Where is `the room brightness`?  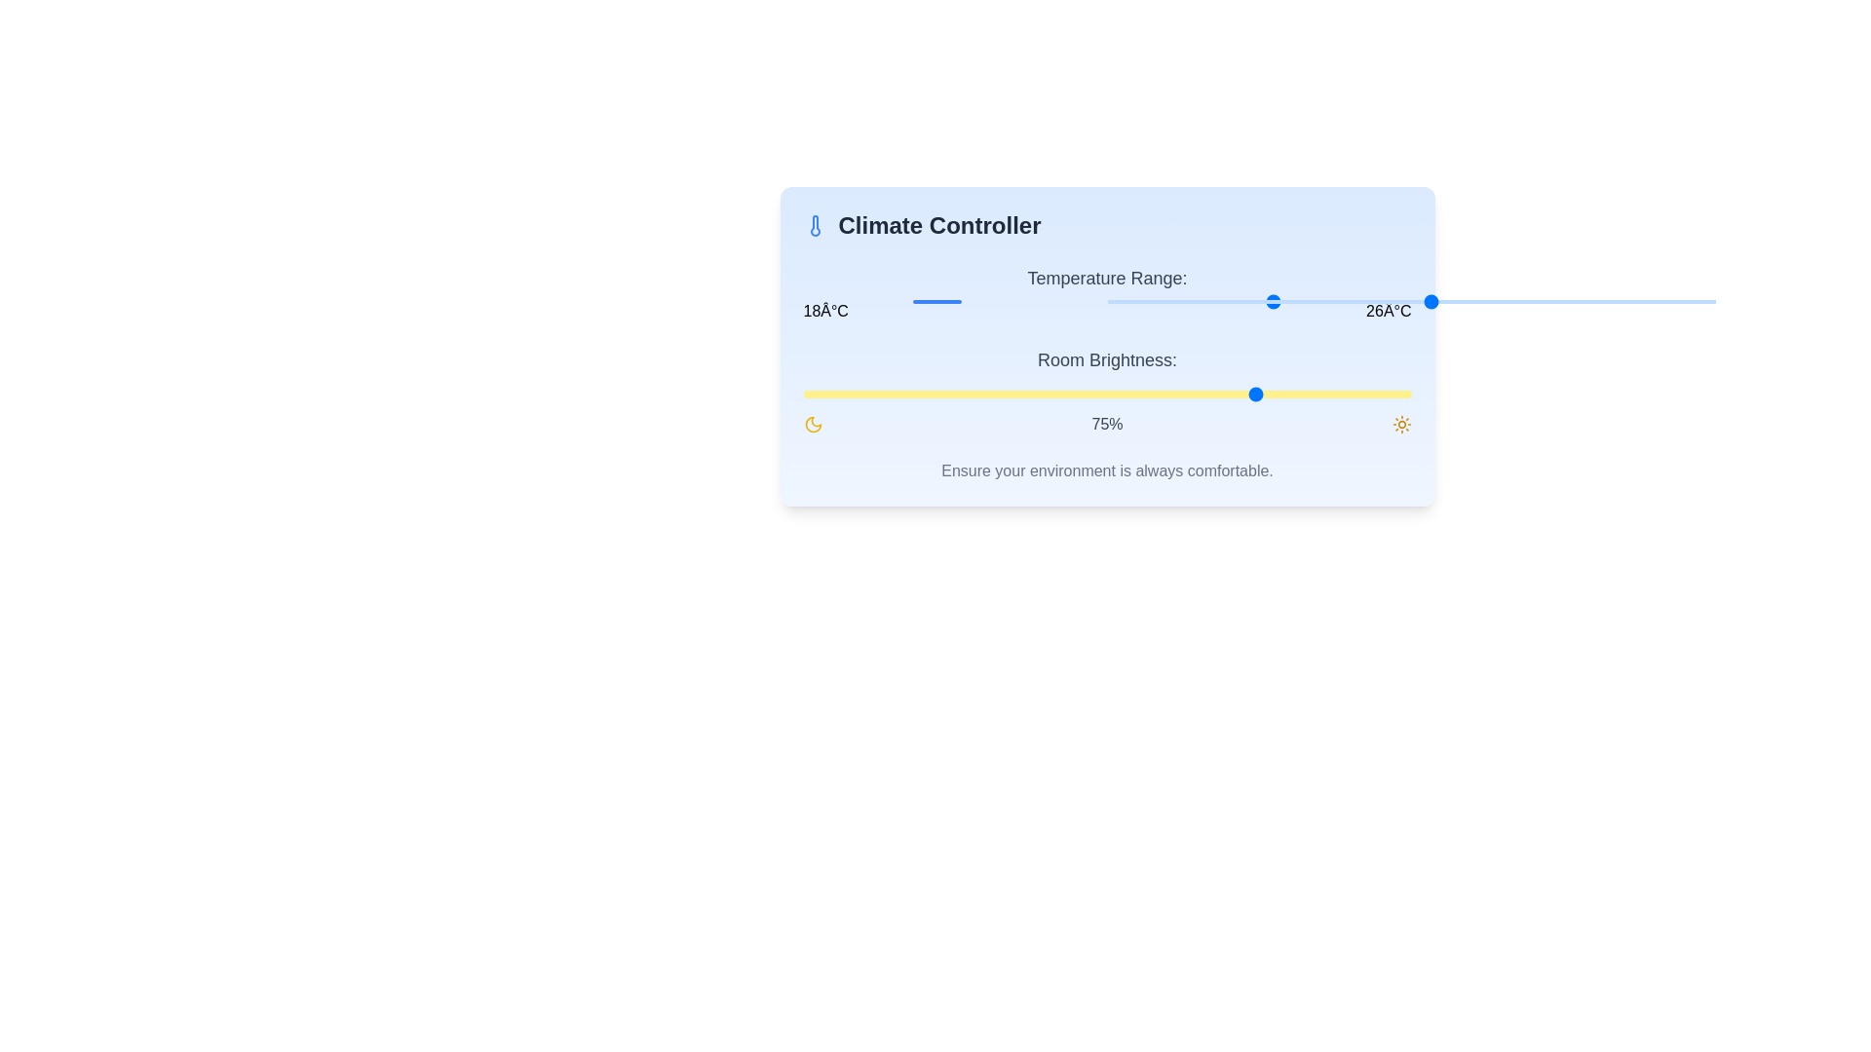 the room brightness is located at coordinates (846, 394).